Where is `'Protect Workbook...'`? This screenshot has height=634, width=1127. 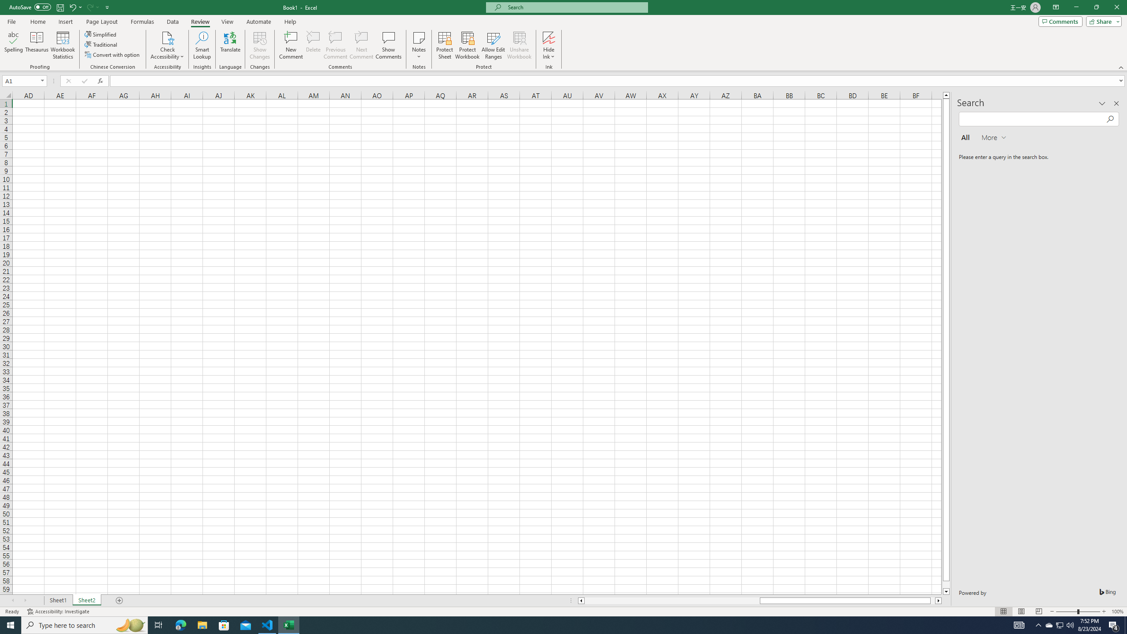 'Protect Workbook...' is located at coordinates (467, 45).